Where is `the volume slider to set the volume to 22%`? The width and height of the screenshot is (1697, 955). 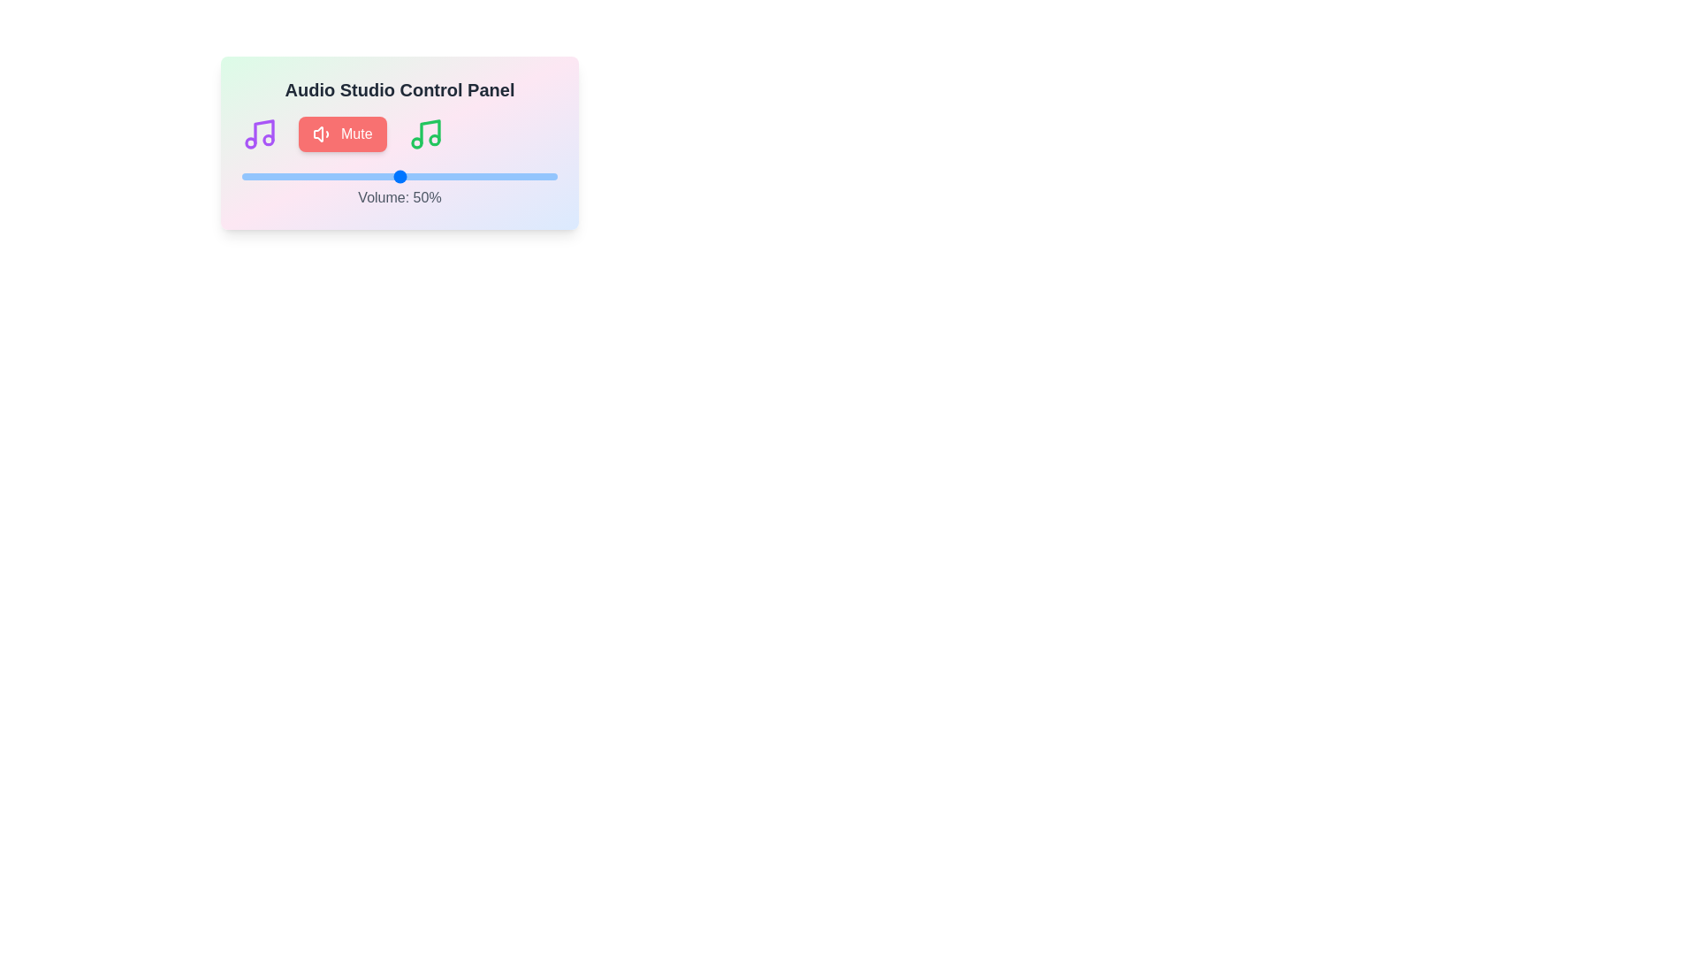 the volume slider to set the volume to 22% is located at coordinates (311, 177).